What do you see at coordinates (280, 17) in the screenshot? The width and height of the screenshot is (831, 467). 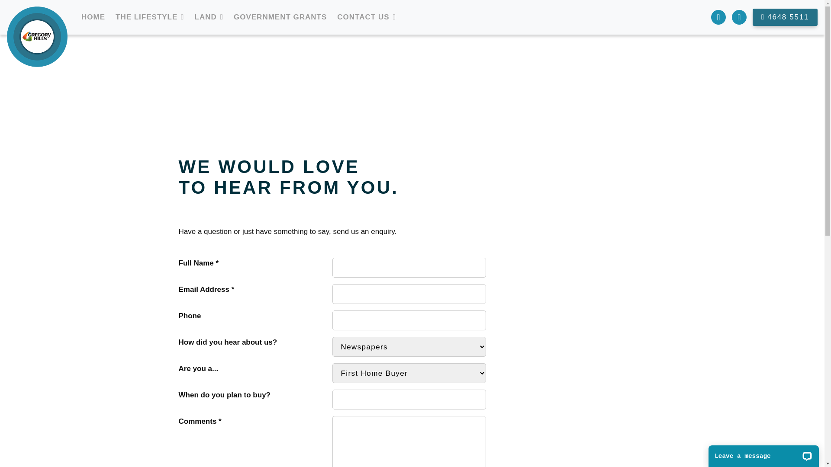 I see `'GOVERNMENT GRANTS'` at bounding box center [280, 17].